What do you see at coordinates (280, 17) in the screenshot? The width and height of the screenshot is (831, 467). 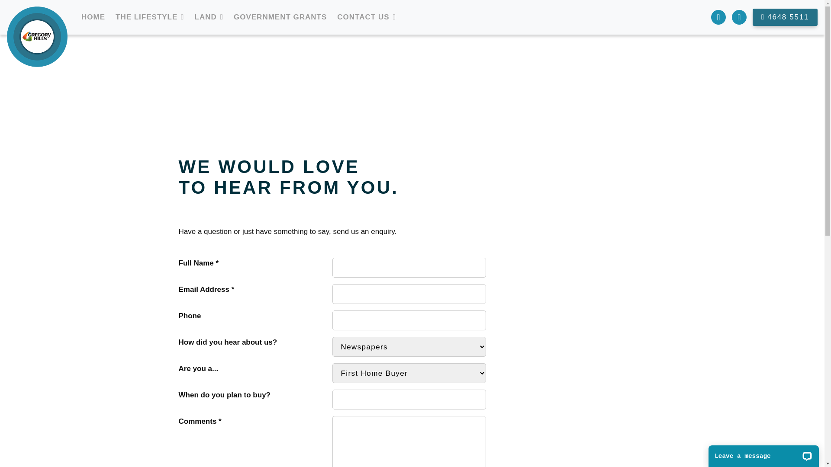 I see `'GOVERNMENT GRANTS'` at bounding box center [280, 17].